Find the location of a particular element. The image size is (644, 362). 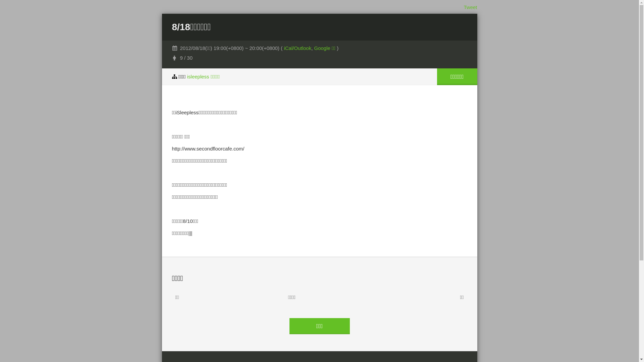

'iCal/Outlook' is located at coordinates (297, 48).